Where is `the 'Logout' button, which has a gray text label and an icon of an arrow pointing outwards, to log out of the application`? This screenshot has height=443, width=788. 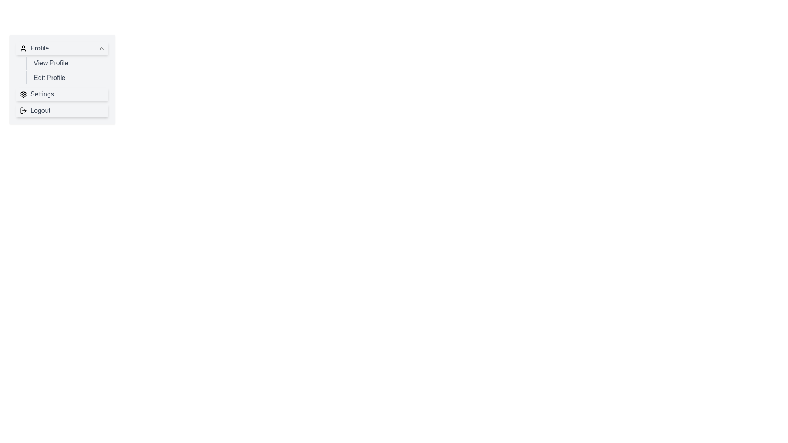 the 'Logout' button, which has a gray text label and an icon of an arrow pointing outwards, to log out of the application is located at coordinates (34, 111).